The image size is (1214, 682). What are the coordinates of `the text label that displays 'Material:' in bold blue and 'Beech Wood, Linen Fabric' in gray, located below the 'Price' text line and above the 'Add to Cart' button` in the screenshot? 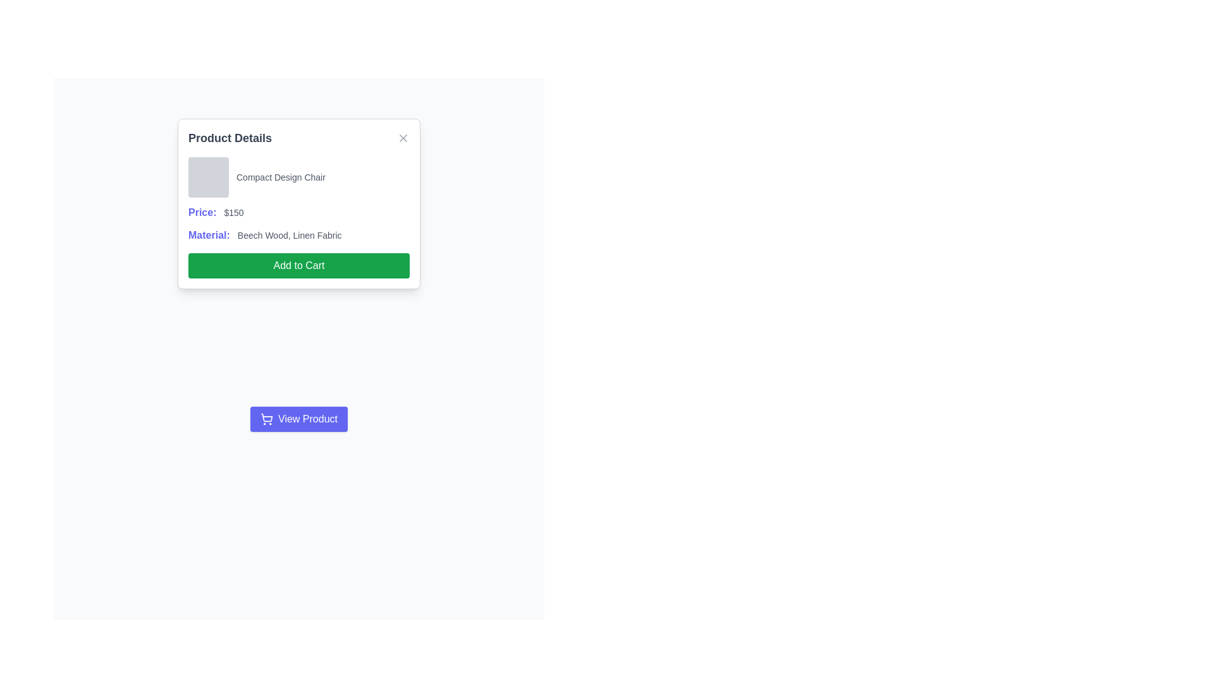 It's located at (298, 236).